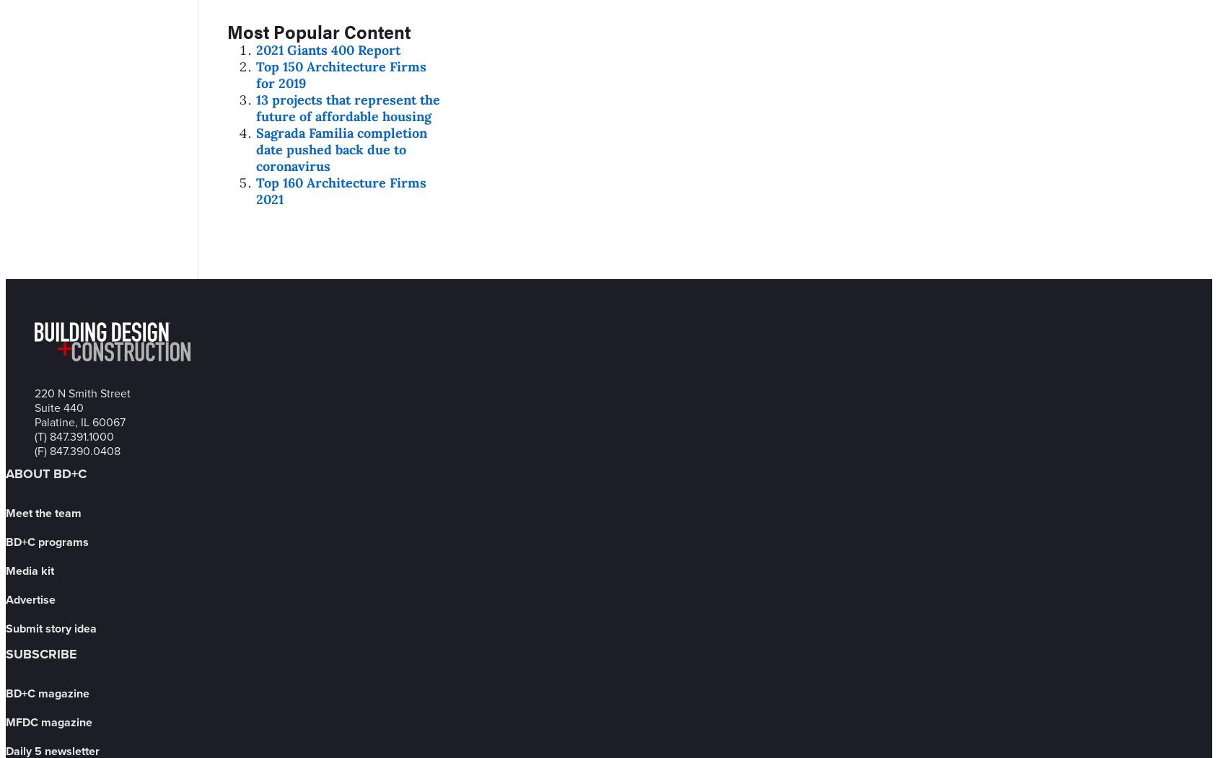 This screenshot has width=1218, height=758. I want to click on 'Media kit', so click(29, 569).